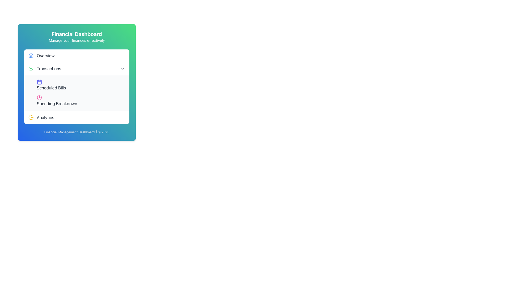 The height and width of the screenshot is (284, 505). Describe the element at coordinates (31, 117) in the screenshot. I see `the yellow pie chart icon with a modern line art design located to the left of the 'Analytics' text in the lower section of the dashboard menu` at that location.